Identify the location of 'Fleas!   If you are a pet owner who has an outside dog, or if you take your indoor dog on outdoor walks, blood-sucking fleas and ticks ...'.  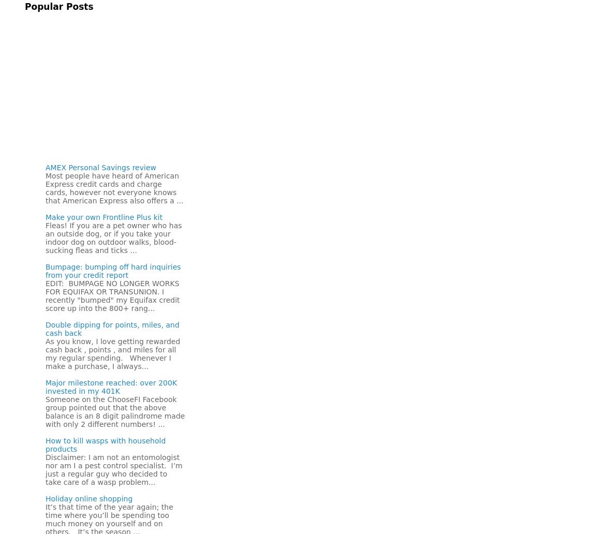
(113, 237).